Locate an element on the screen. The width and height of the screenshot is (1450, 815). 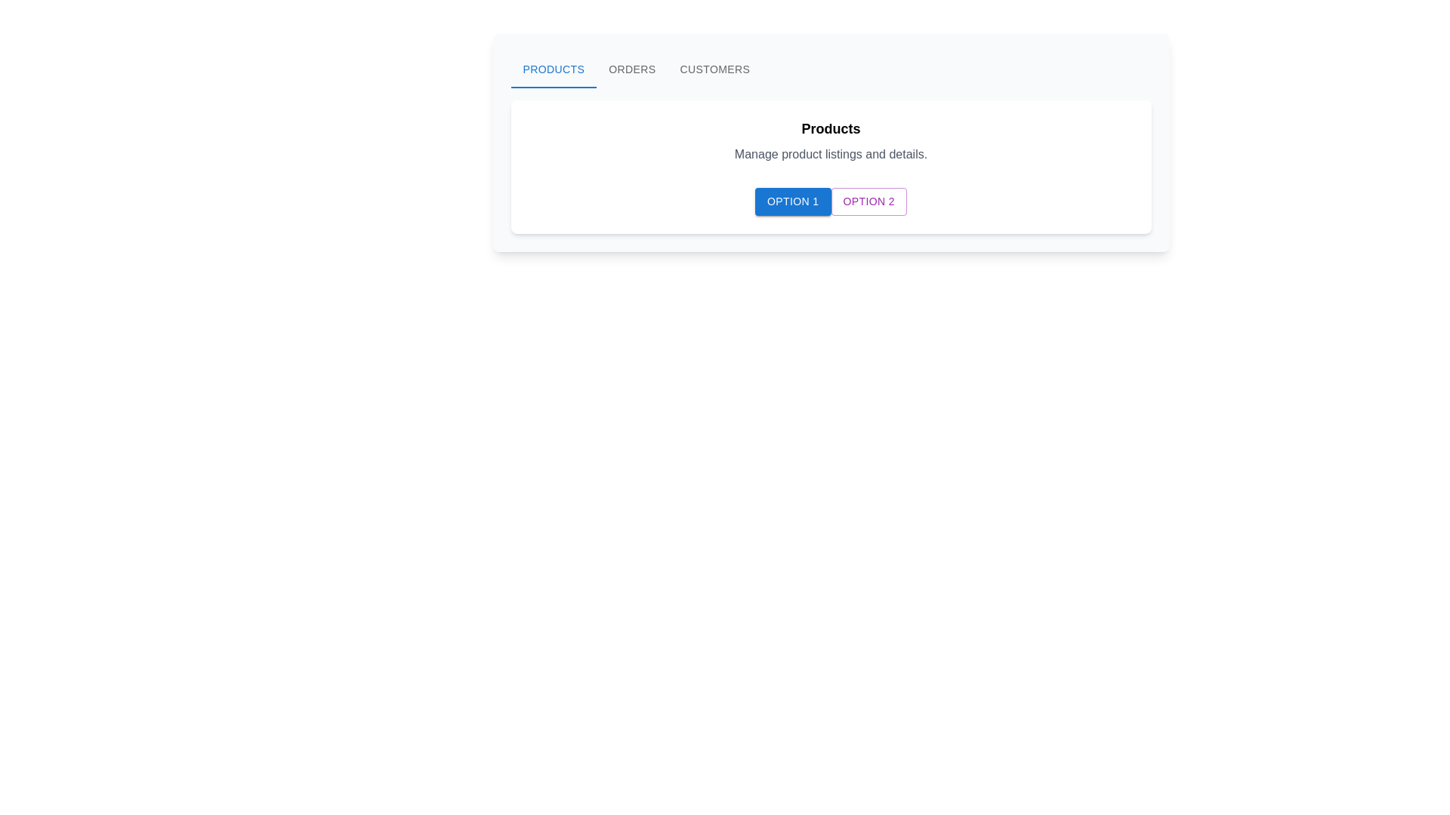
the 'Option 2' button located in the central lower section of the card layout is located at coordinates (868, 201).